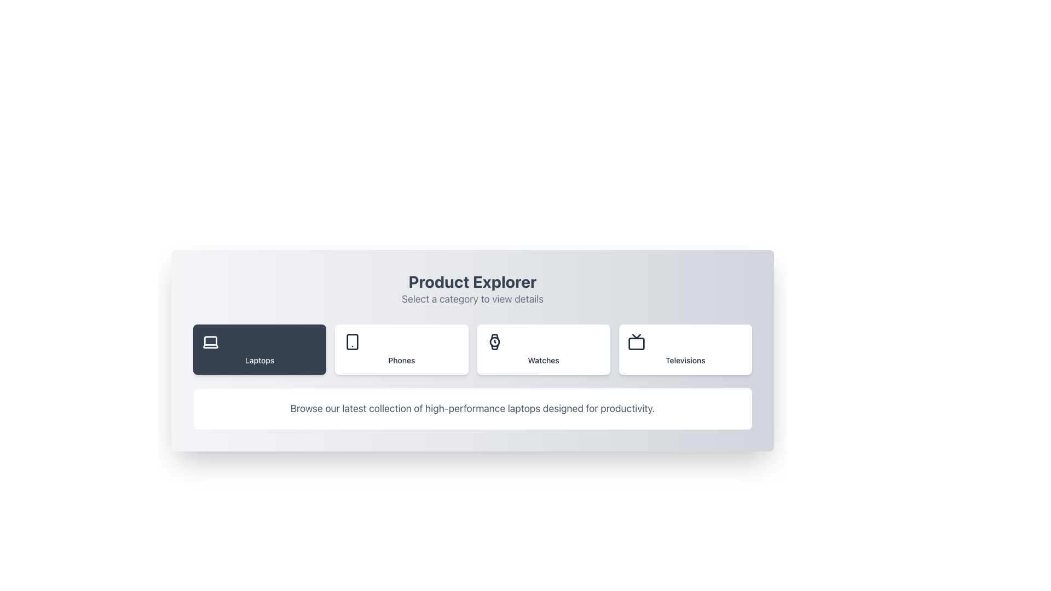 This screenshot has width=1051, height=591. Describe the element at coordinates (472, 409) in the screenshot. I see `the text block that displays 'Browse our latest collection of high-performance laptops designed for productivity.' which is located below the buttons in the 'Product Explorer' section` at that location.